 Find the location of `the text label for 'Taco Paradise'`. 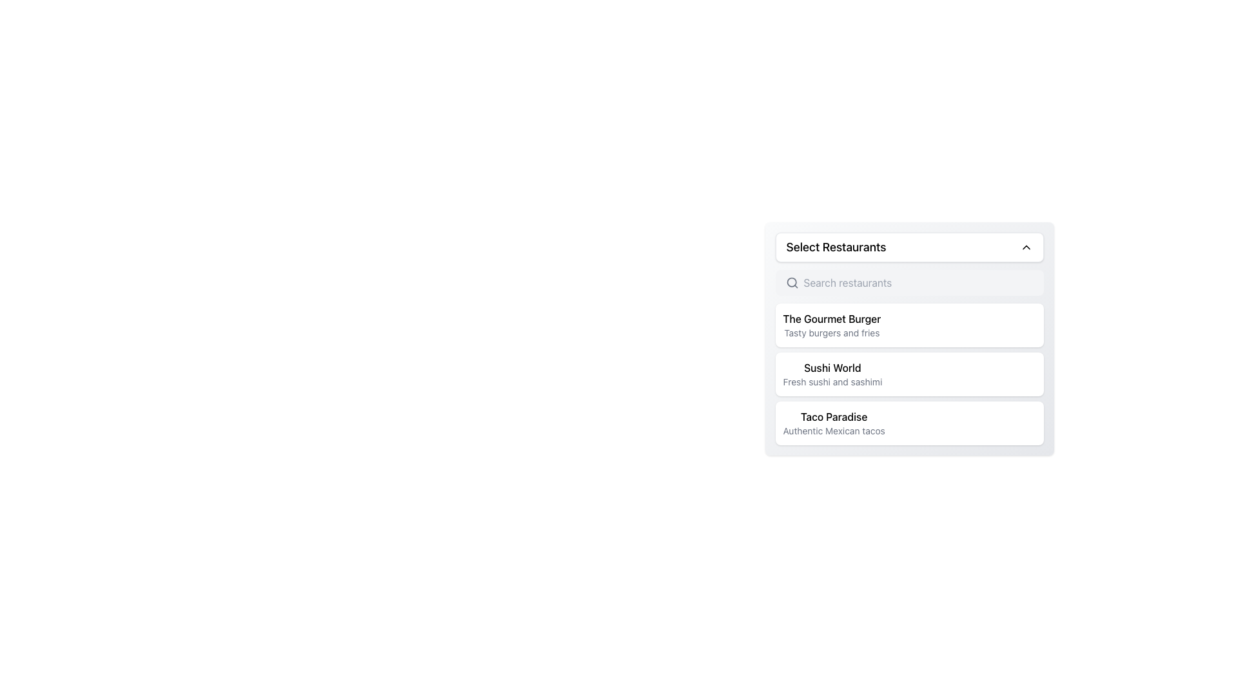

the text label for 'Taco Paradise' is located at coordinates (834, 417).